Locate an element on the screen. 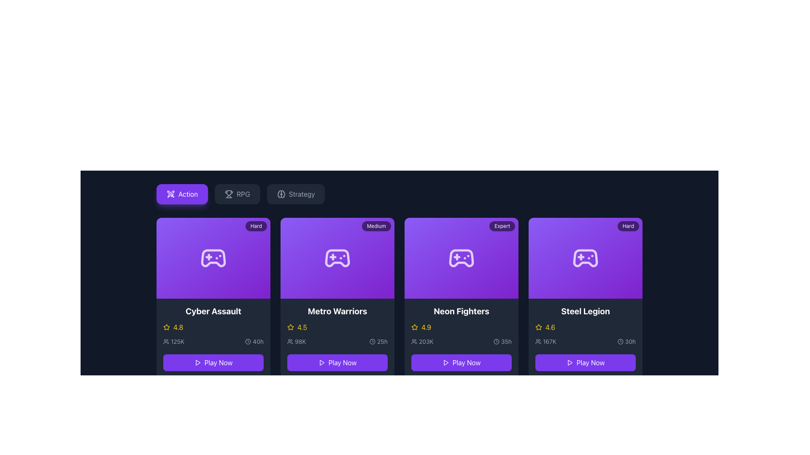 The image size is (810, 455). the button located at the bottom center of the 'Metro Warriors' card to observe hover effects is located at coordinates (337, 360).